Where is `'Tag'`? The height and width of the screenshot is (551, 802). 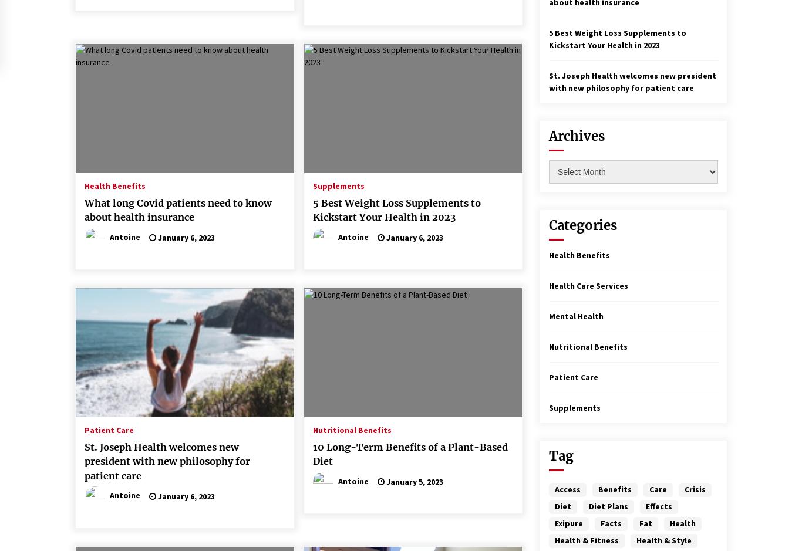
'Tag' is located at coordinates (561, 455).